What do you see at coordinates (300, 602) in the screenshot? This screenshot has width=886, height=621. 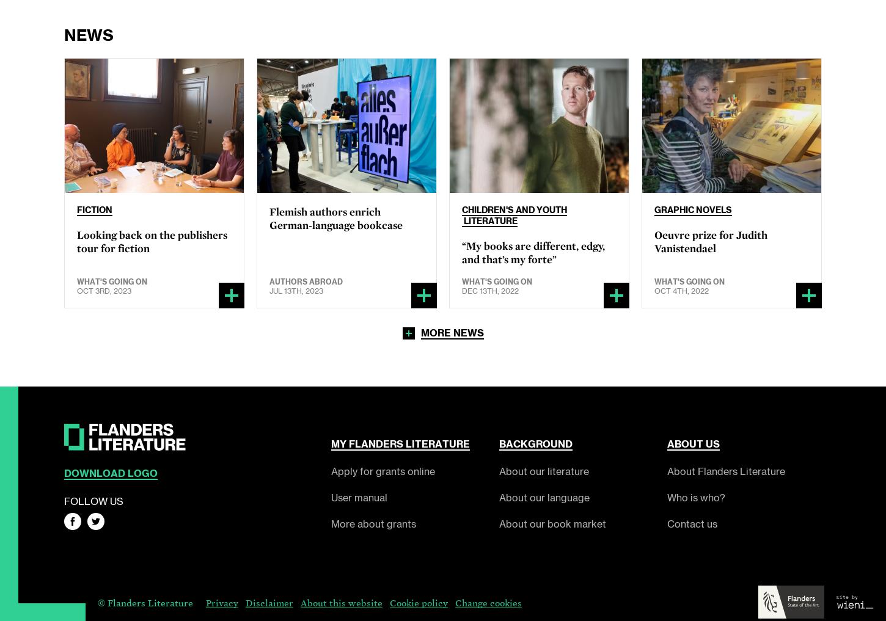 I see `'About this website'` at bounding box center [300, 602].